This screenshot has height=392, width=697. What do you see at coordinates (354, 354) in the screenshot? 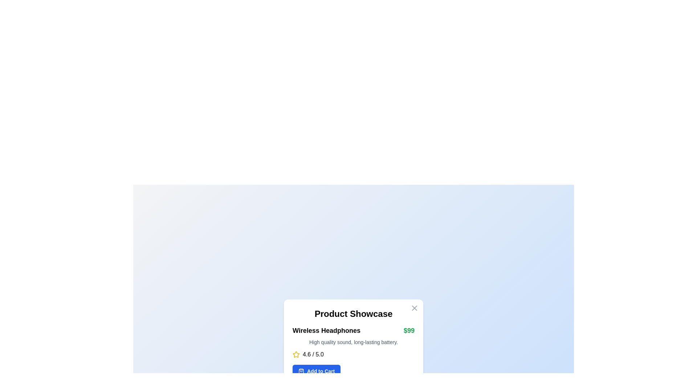
I see `the Product information component displaying details about 'Wireless Headphones', including its title, price, description, rating, and 'Add to Cart' button` at bounding box center [354, 354].